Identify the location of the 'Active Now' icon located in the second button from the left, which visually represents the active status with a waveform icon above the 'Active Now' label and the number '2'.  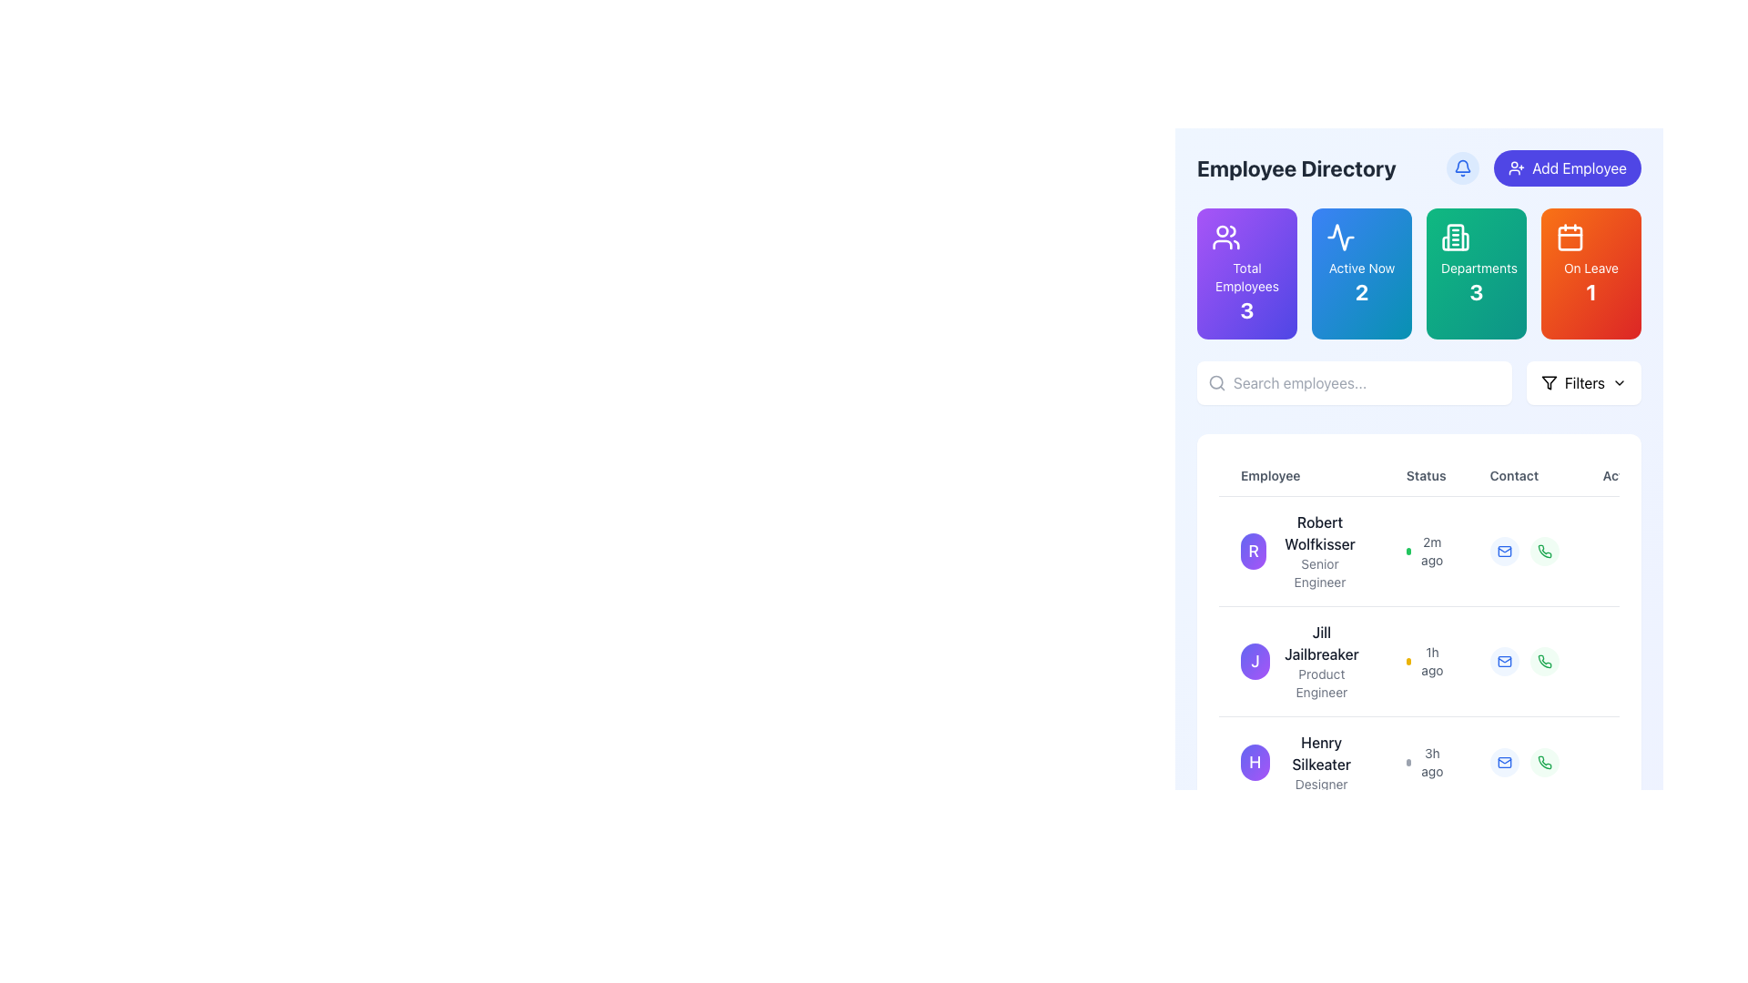
(1341, 237).